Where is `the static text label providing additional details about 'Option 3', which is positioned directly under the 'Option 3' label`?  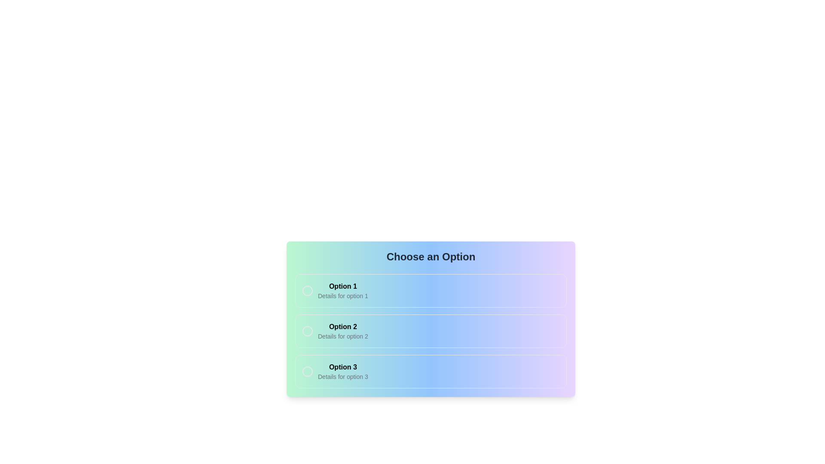
the static text label providing additional details about 'Option 3', which is positioned directly under the 'Option 3' label is located at coordinates (342, 376).